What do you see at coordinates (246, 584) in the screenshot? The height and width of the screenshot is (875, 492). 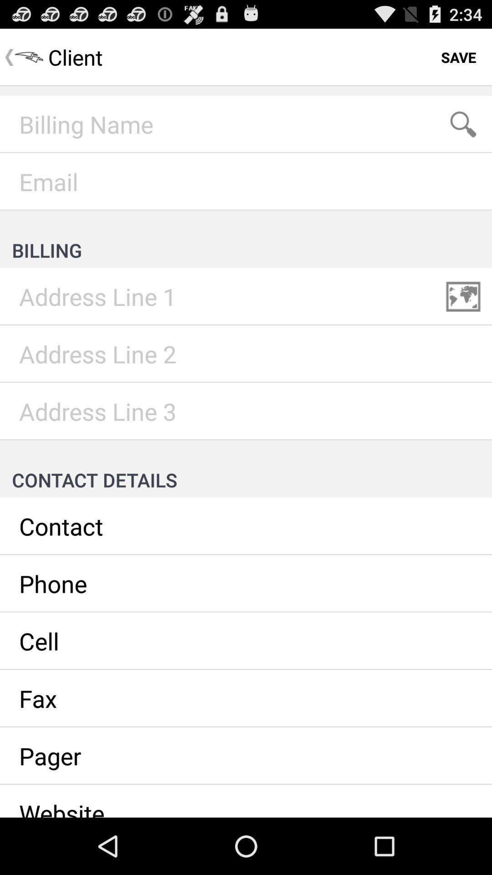 I see `enter/view client 's phone number` at bounding box center [246, 584].